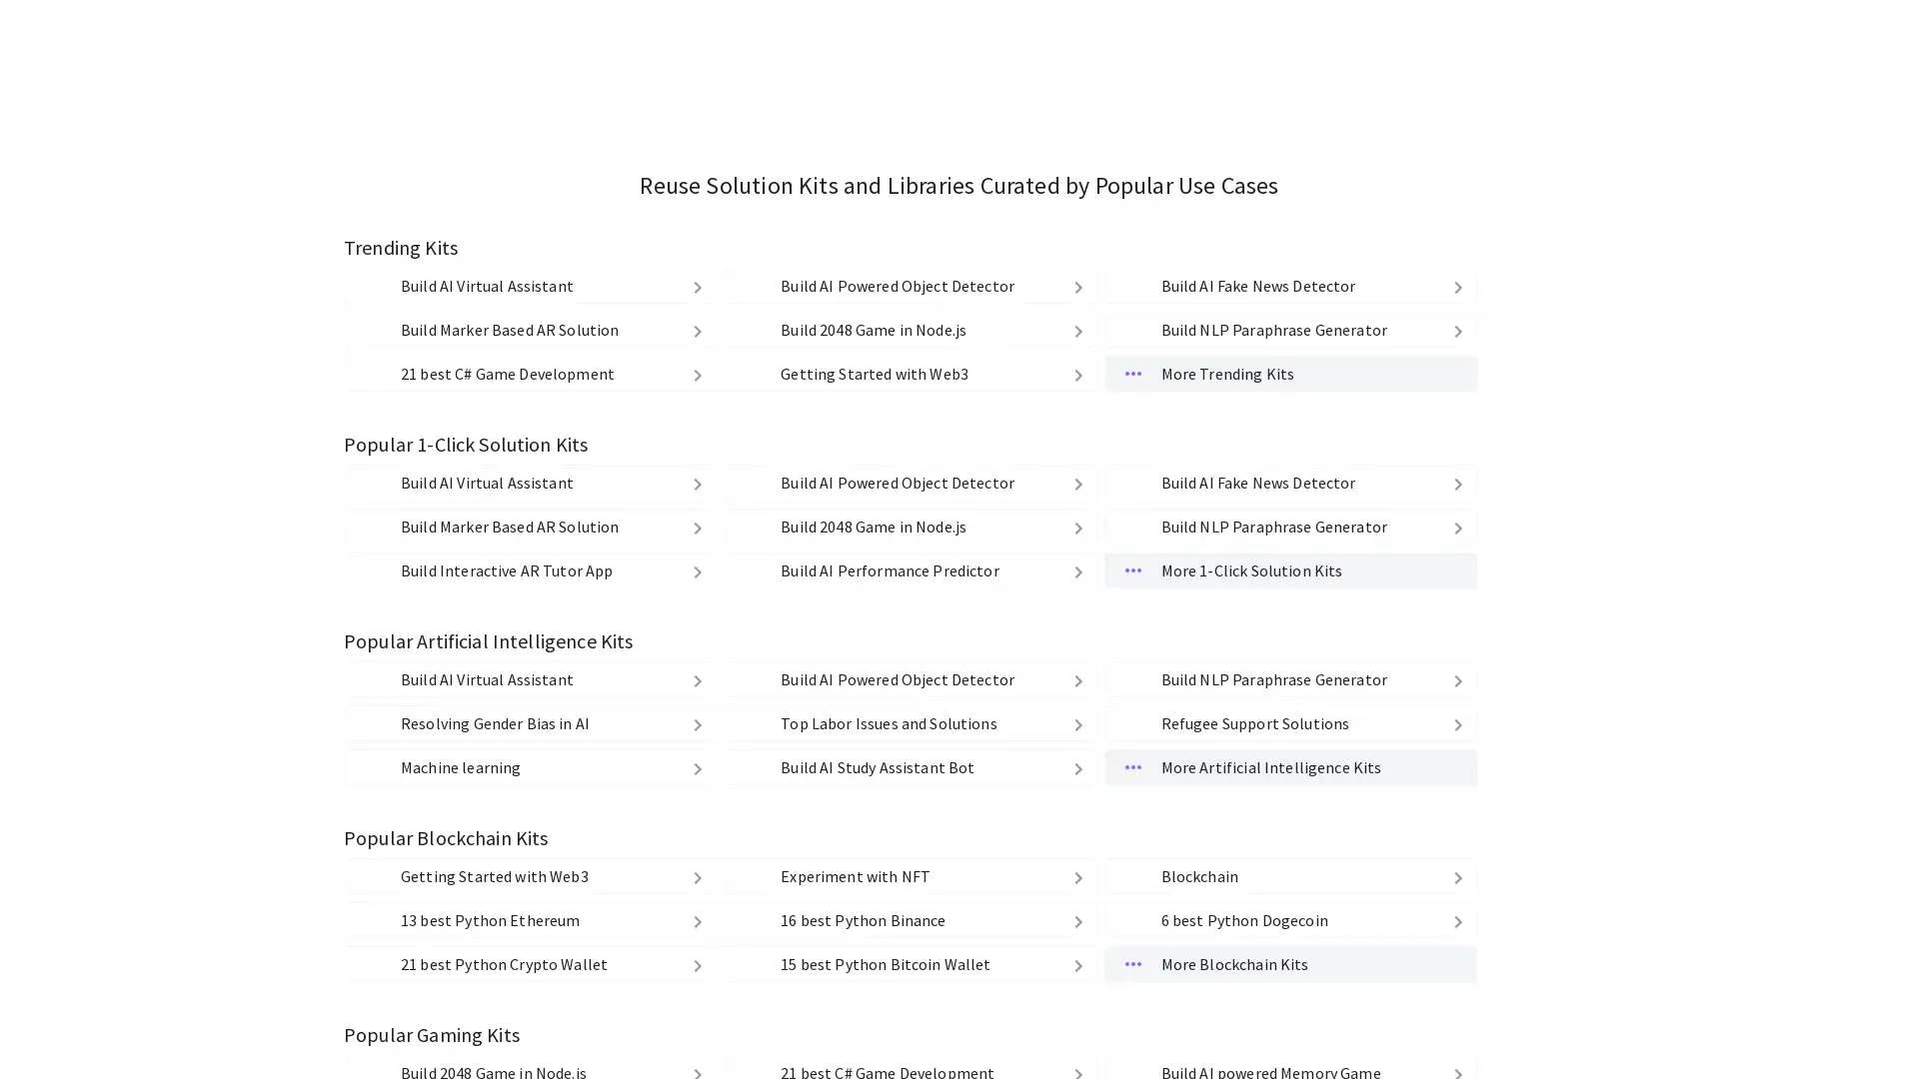  I want to click on delete, so click(1428, 1029).